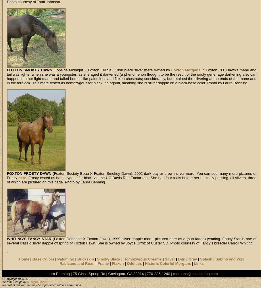 Image resolution: width=261 pixels, height=288 pixels. Describe the element at coordinates (65, 259) in the screenshot. I see `'Palomino'` at that location.